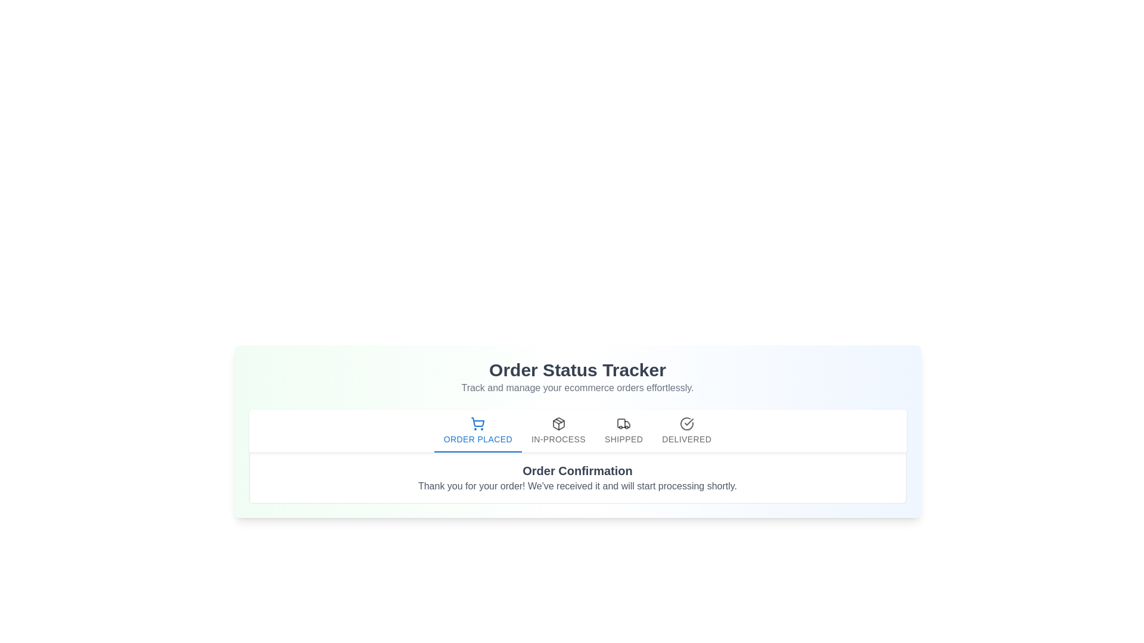 The width and height of the screenshot is (1144, 643). What do you see at coordinates (558, 422) in the screenshot?
I see `the triangular SVG element that is part of the package icon, specifically the top section resembling an arrowhead pointing upwards` at bounding box center [558, 422].